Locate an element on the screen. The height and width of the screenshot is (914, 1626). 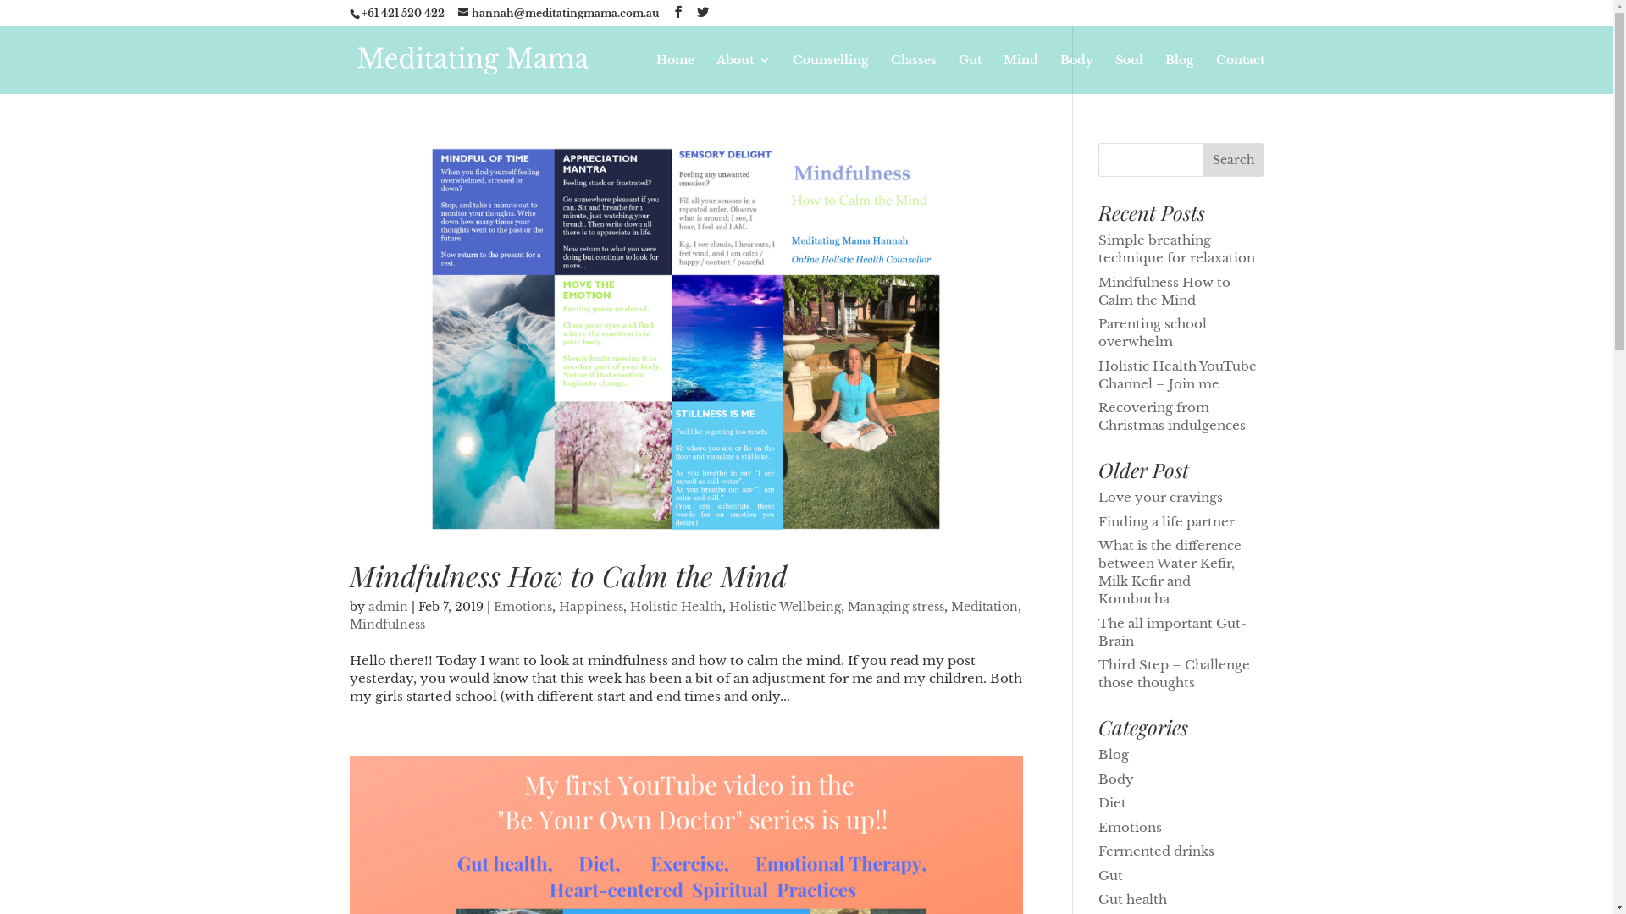
'Simple breathing technique for relaxation' is located at coordinates (1175, 248).